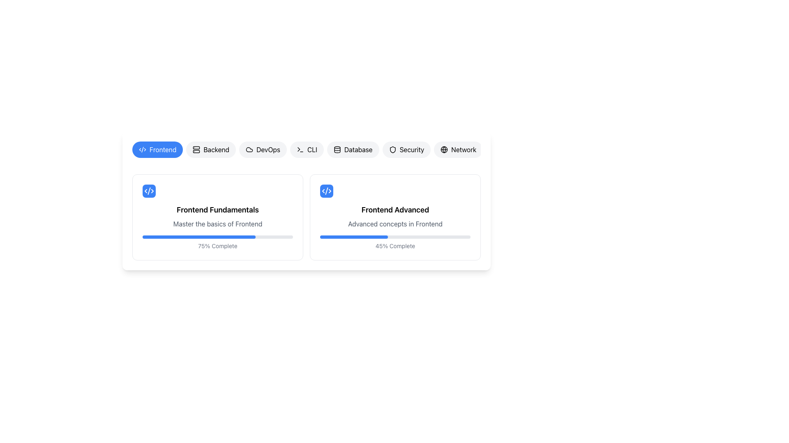 The width and height of the screenshot is (789, 443). What do you see at coordinates (444, 150) in the screenshot?
I see `the largest circular shape in the SVG illustration of the globe icon, which represents global access and connectivity` at bounding box center [444, 150].